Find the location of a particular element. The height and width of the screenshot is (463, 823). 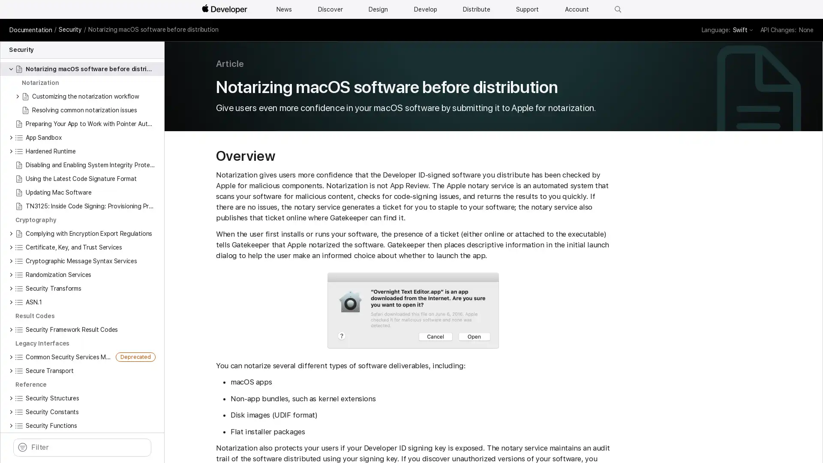

Security Functions is located at coordinates (10, 431).